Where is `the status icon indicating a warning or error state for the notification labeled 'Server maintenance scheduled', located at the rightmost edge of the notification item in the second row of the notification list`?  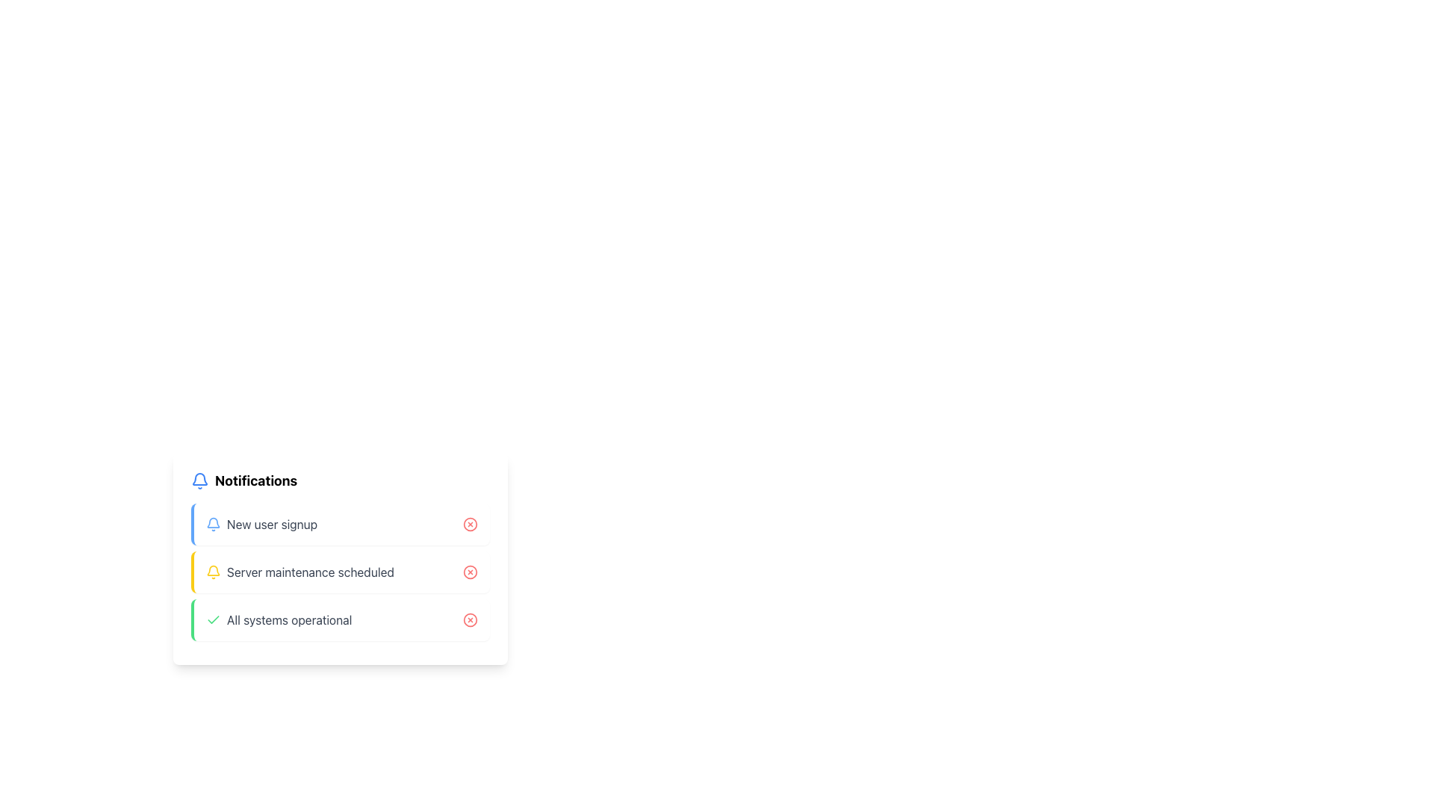 the status icon indicating a warning or error state for the notification labeled 'Server maintenance scheduled', located at the rightmost edge of the notification item in the second row of the notification list is located at coordinates (469, 572).